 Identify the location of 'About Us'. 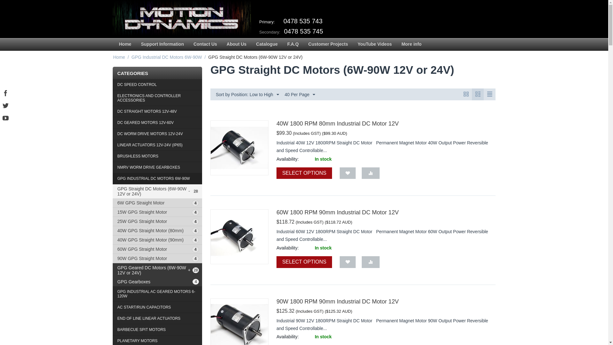
(222, 44).